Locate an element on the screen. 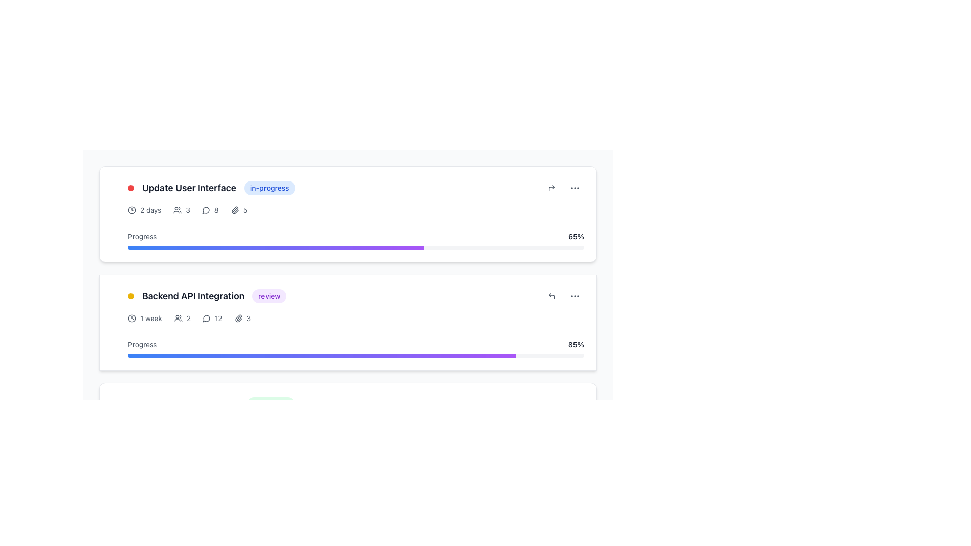  the visual appearance of the paperclip icon representing a file attachment, located beside the number '3' in the 'Backend API Integration' section is located at coordinates (238, 317).